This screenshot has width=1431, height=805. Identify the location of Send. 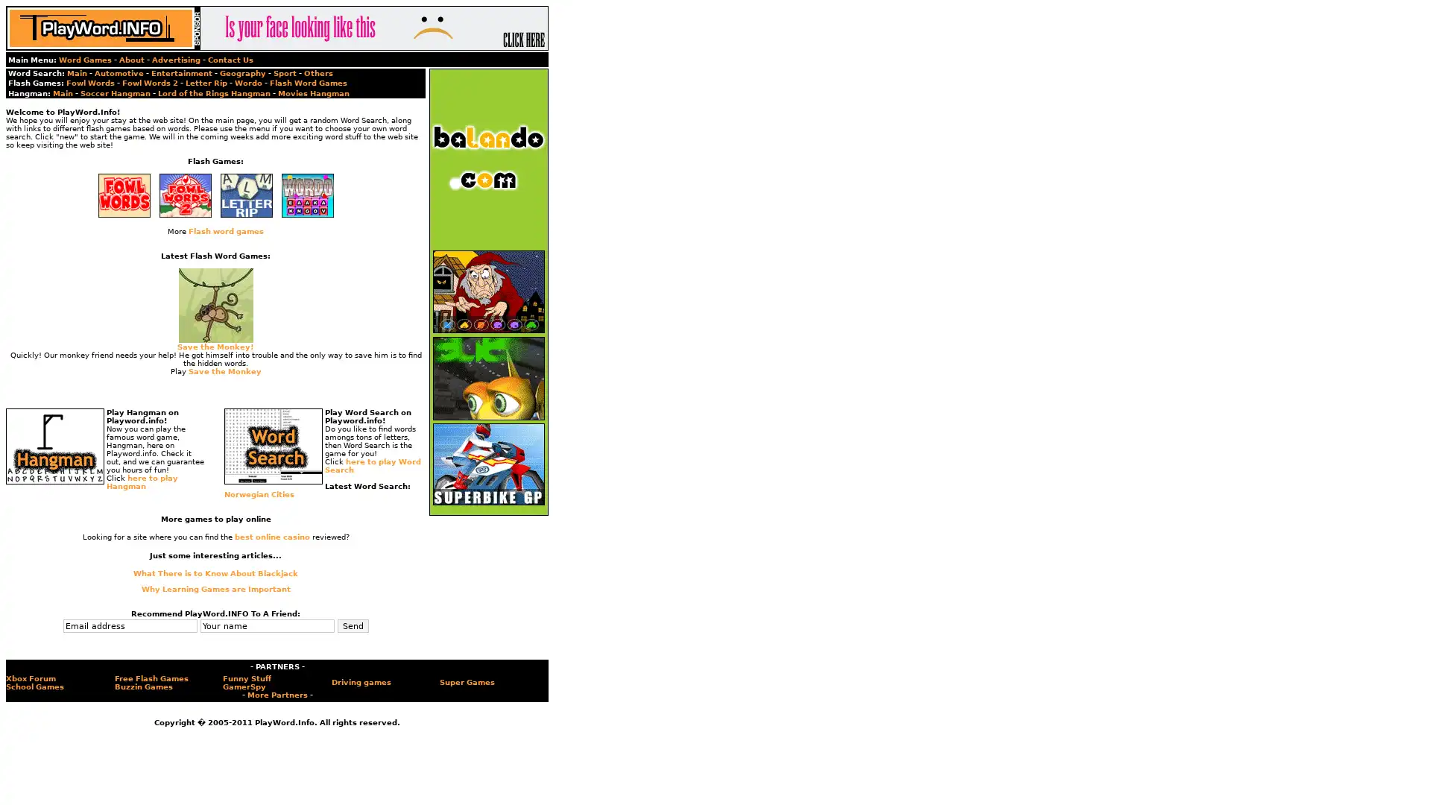
(352, 625).